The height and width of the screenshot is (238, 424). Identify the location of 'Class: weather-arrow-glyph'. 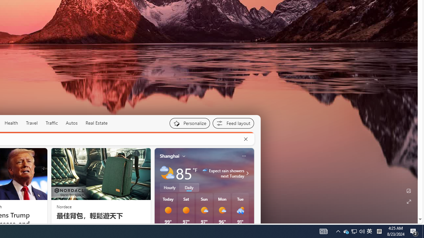
(247, 173).